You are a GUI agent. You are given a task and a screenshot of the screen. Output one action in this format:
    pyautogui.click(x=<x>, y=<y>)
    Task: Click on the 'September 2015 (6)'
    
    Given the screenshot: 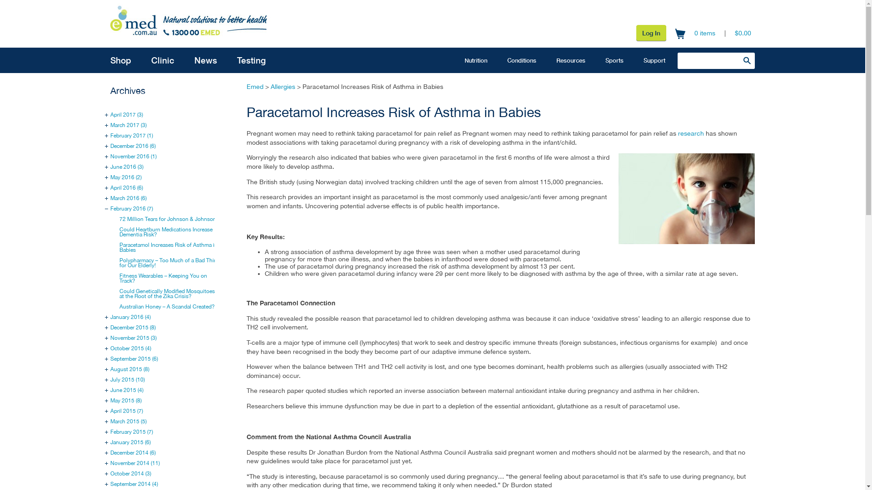 What is the action you would take?
    pyautogui.click(x=134, y=358)
    